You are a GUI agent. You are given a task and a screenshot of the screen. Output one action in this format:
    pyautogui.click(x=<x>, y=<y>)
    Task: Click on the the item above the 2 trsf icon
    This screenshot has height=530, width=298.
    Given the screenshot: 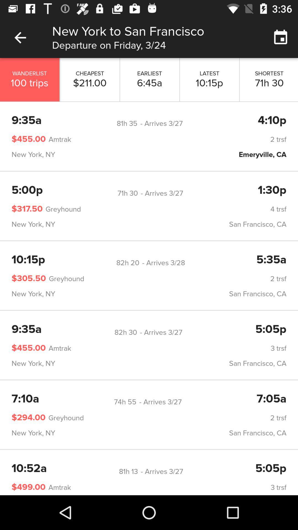 What is the action you would take?
    pyautogui.click(x=128, y=263)
    